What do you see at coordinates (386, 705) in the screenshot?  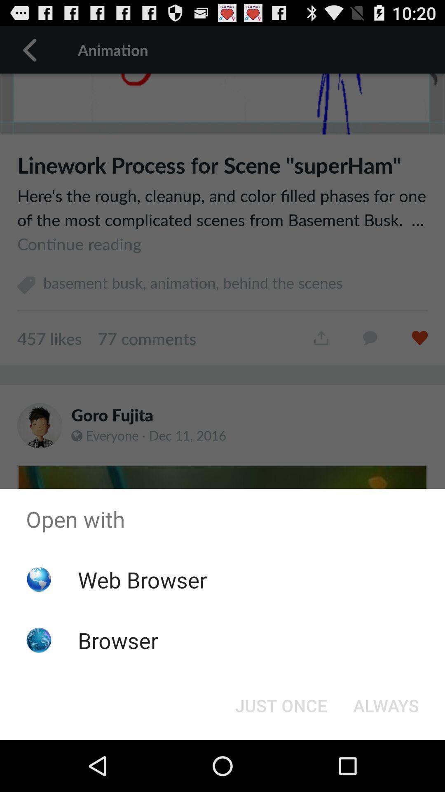 I see `the always button` at bounding box center [386, 705].